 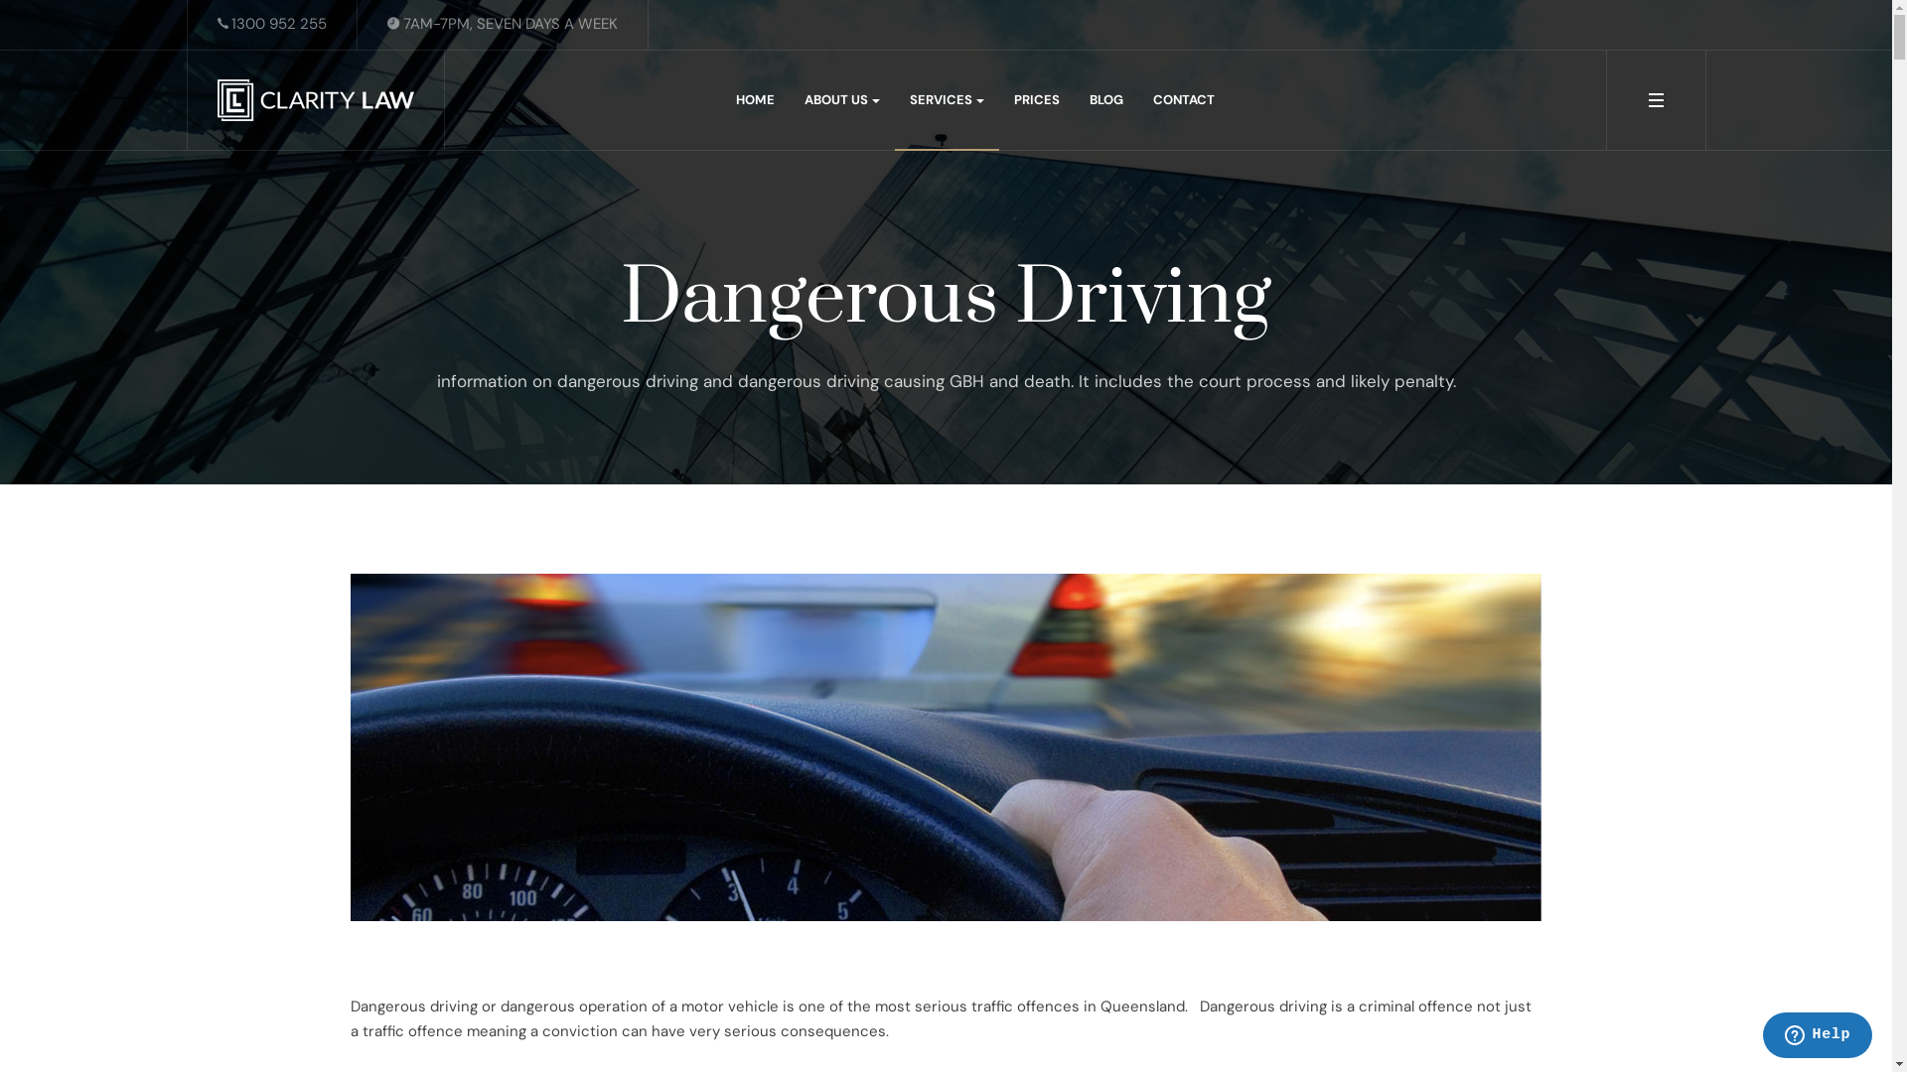 I want to click on 'ABOUT US', so click(x=842, y=99).